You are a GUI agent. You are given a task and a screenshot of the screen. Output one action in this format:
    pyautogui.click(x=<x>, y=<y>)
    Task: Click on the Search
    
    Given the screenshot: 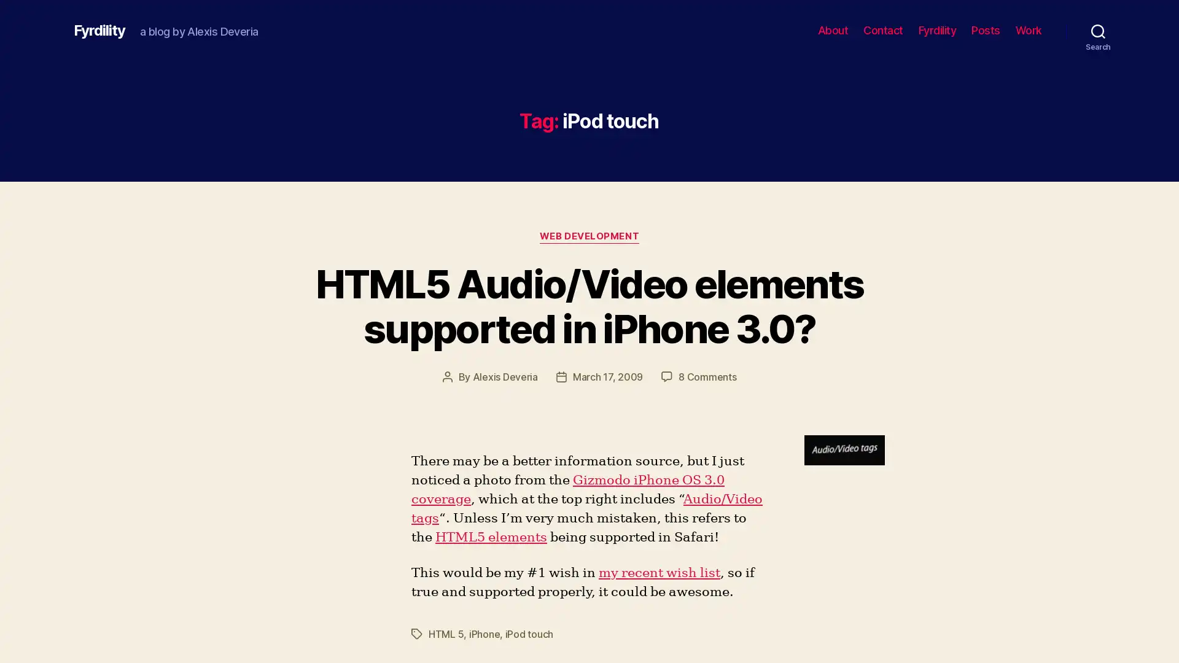 What is the action you would take?
    pyautogui.click(x=1098, y=30)
    